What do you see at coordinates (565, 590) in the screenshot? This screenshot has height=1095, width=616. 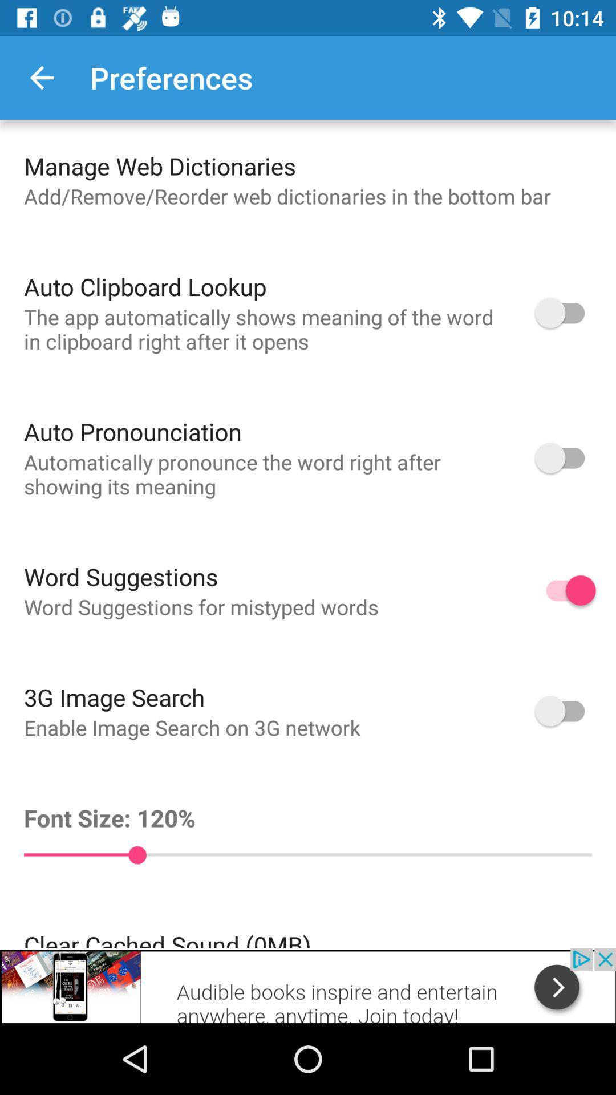 I see `on and off` at bounding box center [565, 590].